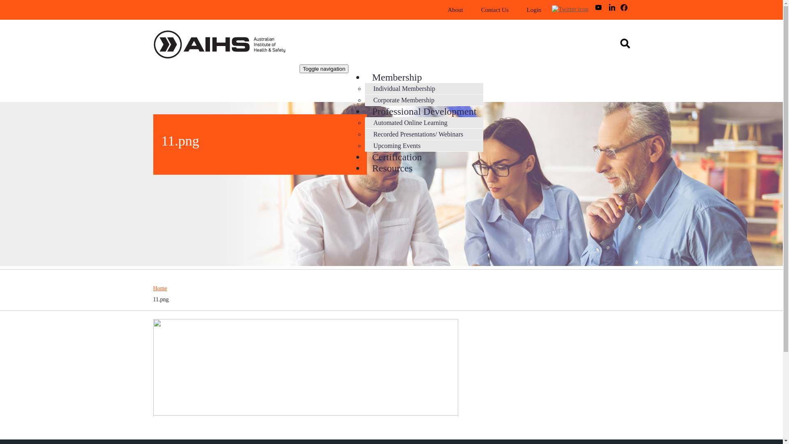 This screenshot has width=789, height=444. I want to click on 'Corporate Membership', so click(404, 99).